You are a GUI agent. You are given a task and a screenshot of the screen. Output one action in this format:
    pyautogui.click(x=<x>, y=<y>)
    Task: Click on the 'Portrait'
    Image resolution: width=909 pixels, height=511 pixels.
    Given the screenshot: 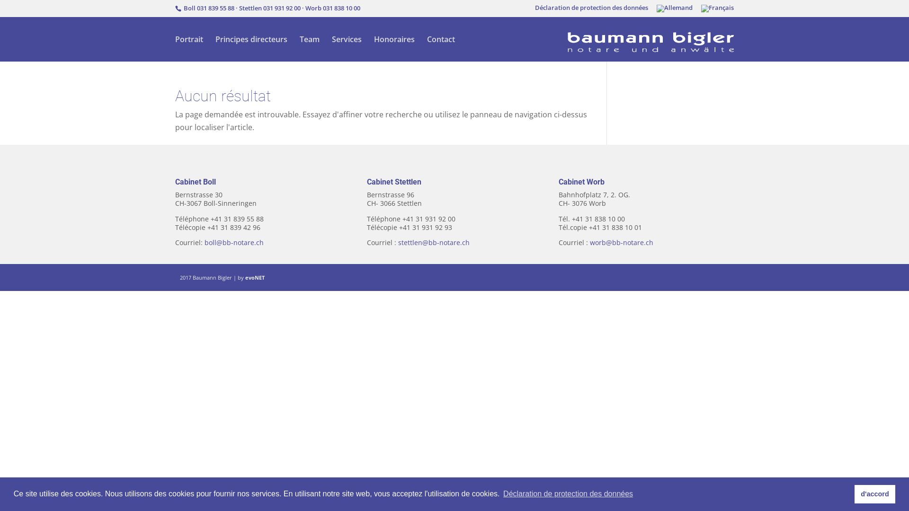 What is the action you would take?
    pyautogui.click(x=189, y=49)
    